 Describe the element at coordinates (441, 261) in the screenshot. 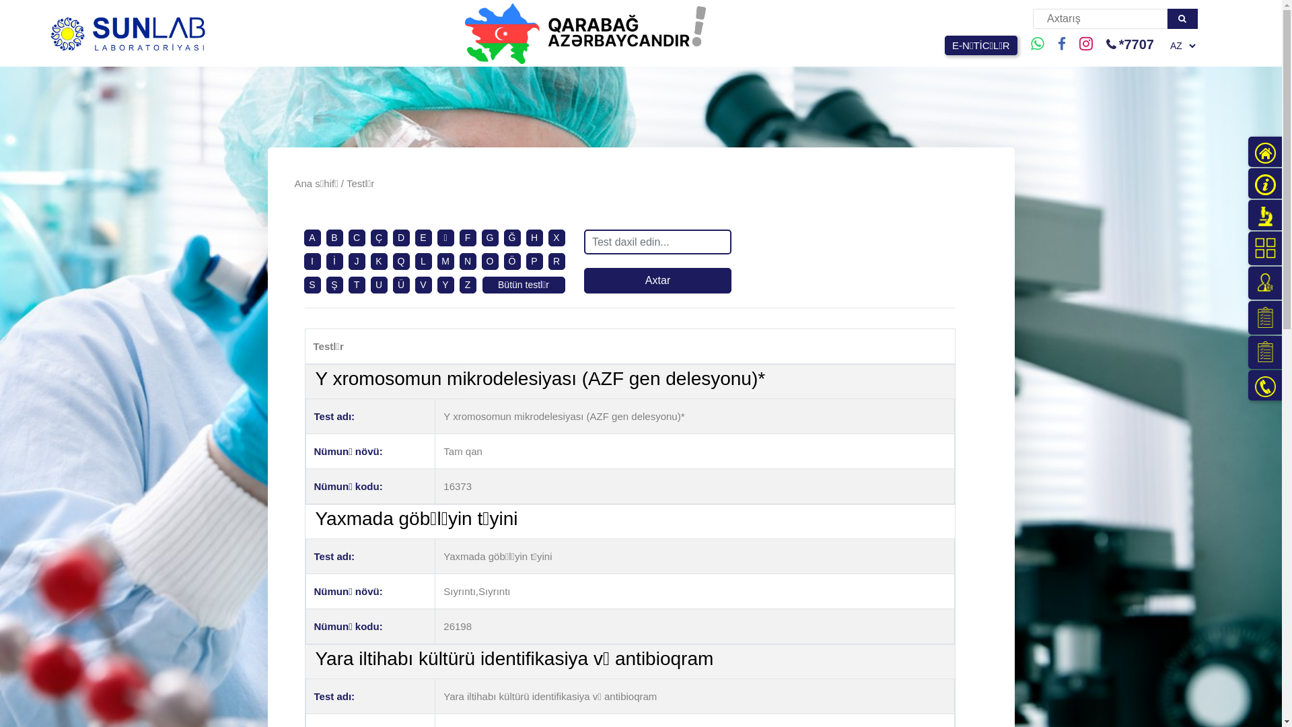

I see `'M'` at that location.